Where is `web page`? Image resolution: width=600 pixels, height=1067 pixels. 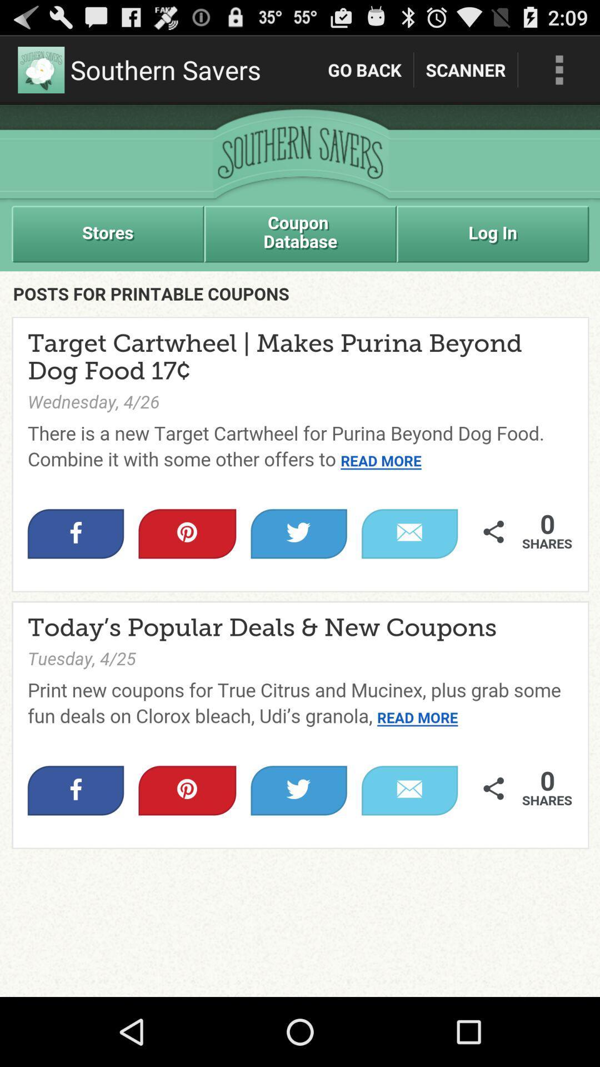
web page is located at coordinates (300, 551).